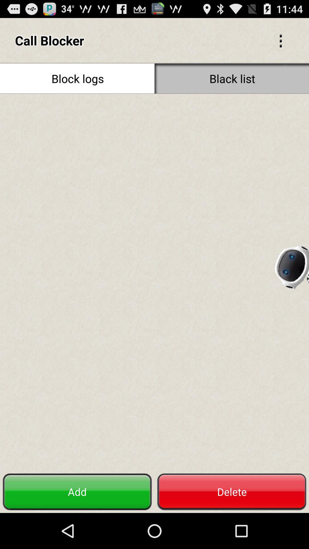 Image resolution: width=309 pixels, height=549 pixels. What do you see at coordinates (280, 40) in the screenshot?
I see `show options` at bounding box center [280, 40].